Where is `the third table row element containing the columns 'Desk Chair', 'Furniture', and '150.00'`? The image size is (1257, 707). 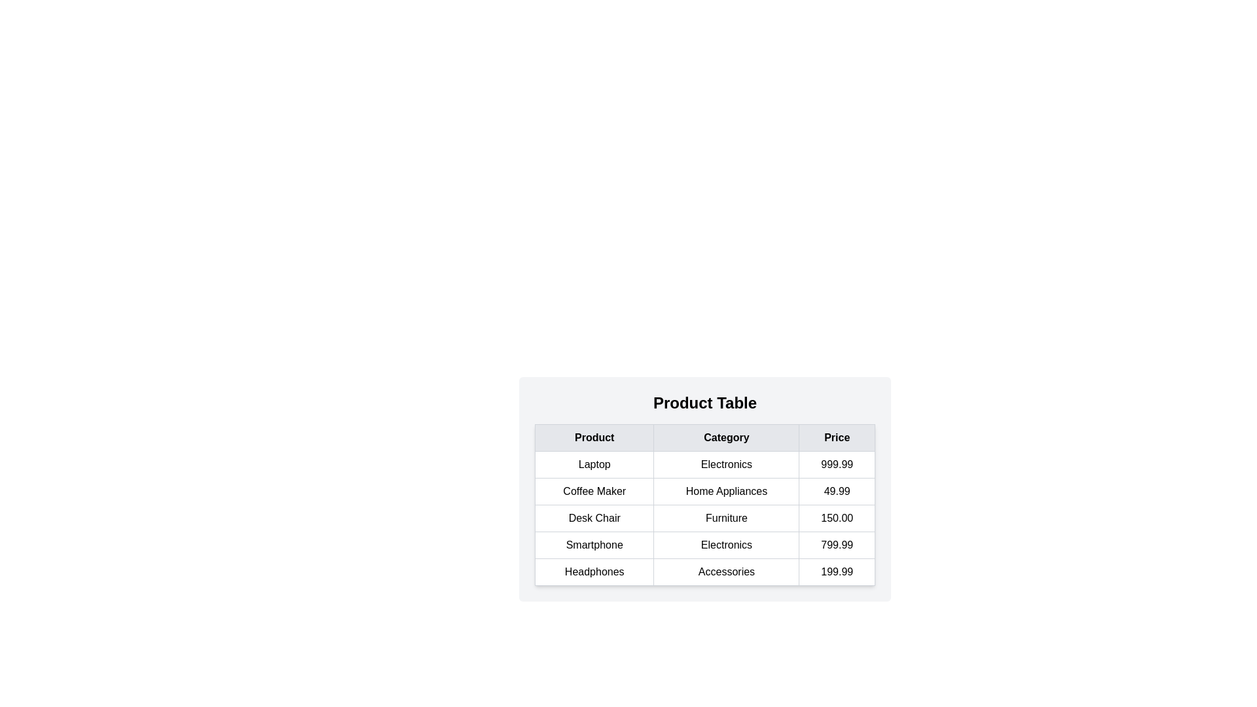
the third table row element containing the columns 'Desk Chair', 'Furniture', and '150.00' is located at coordinates (704, 517).